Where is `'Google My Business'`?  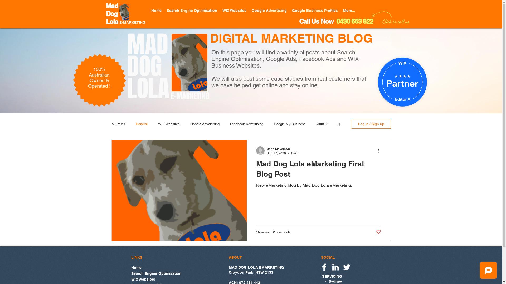
'Google My Business' is located at coordinates (289, 124).